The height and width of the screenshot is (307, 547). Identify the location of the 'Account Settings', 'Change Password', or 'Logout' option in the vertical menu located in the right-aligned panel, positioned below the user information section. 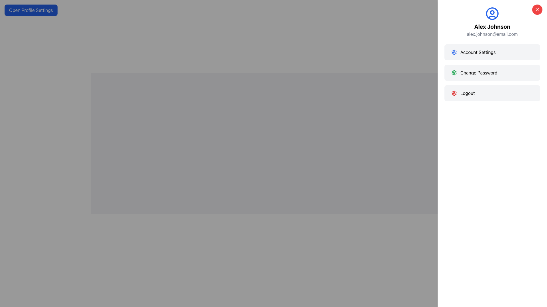
(492, 72).